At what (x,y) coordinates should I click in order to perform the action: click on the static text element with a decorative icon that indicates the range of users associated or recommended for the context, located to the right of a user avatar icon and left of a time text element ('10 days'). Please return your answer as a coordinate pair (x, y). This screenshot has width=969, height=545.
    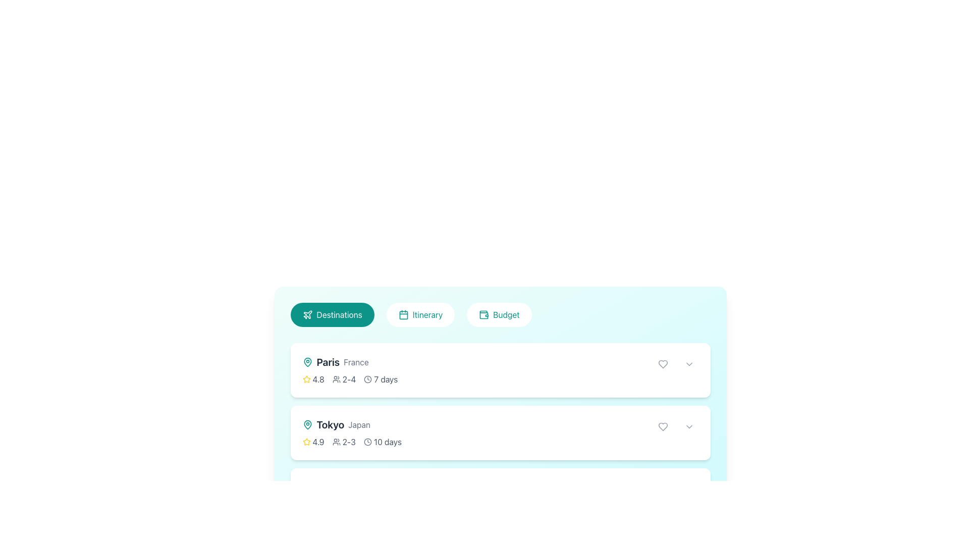
    Looking at the image, I should click on (344, 441).